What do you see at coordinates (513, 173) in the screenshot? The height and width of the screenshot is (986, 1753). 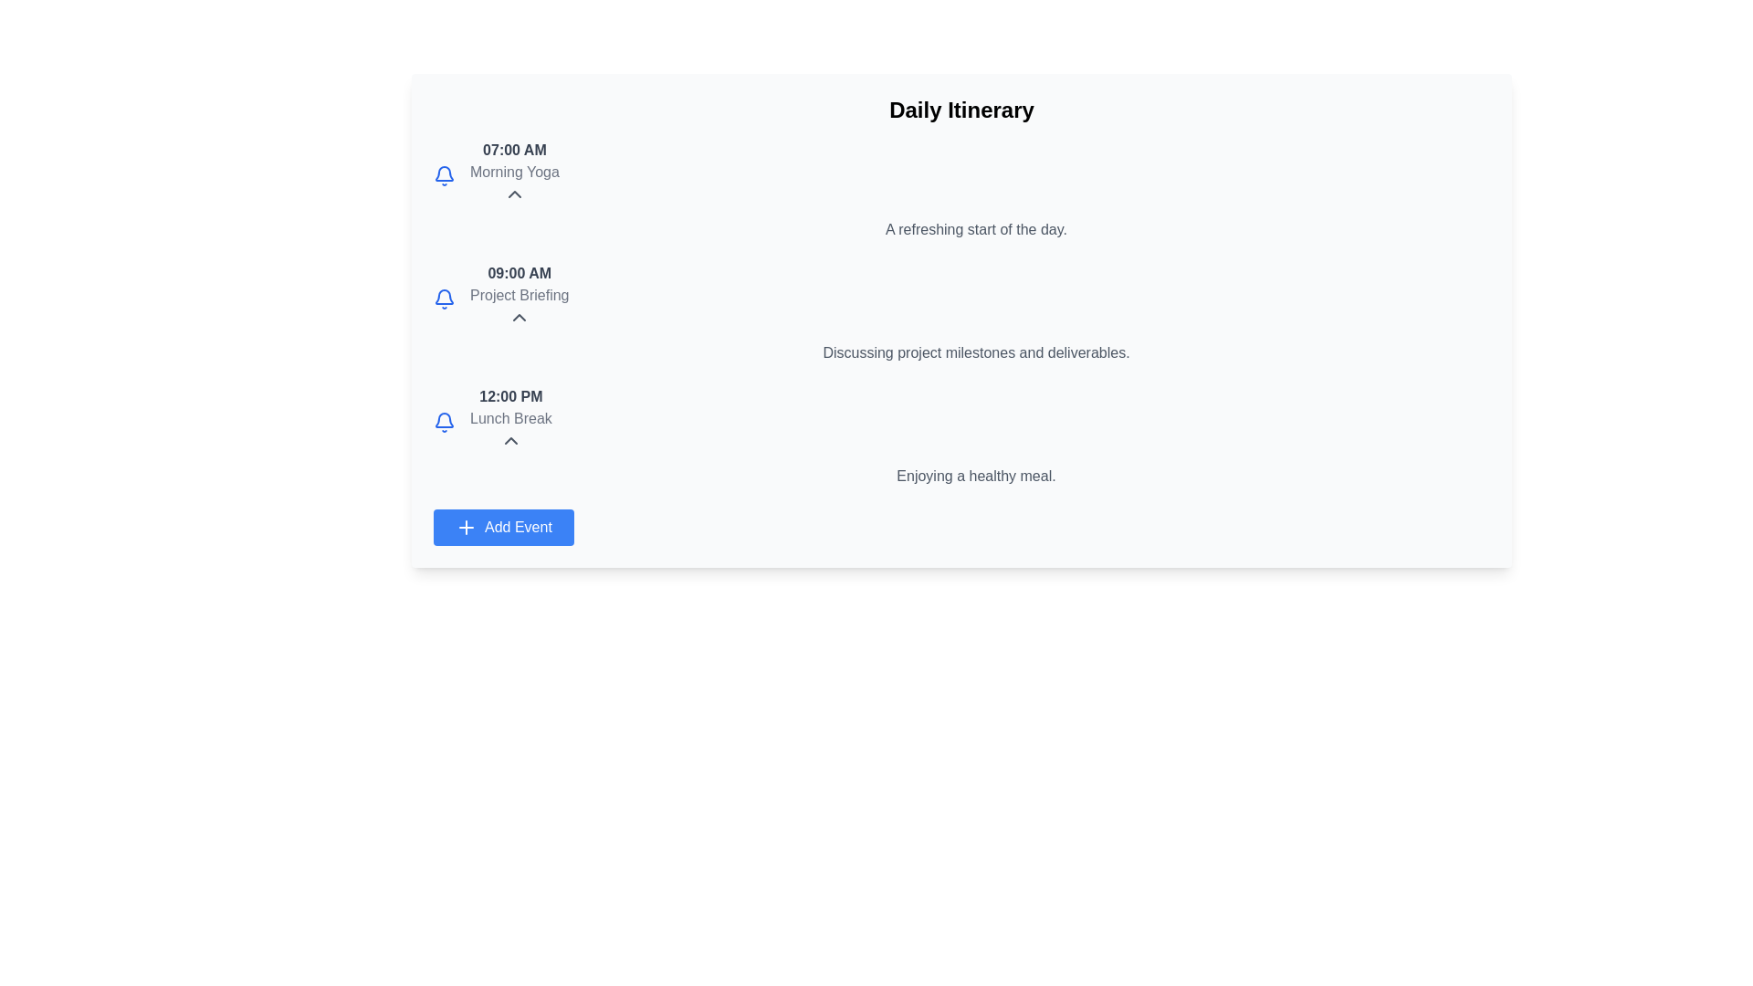 I see `the static text label element that indicates the event title 'Morning Yoga', positioned below '07:00 AM' in the left column of the schedule` at bounding box center [513, 173].